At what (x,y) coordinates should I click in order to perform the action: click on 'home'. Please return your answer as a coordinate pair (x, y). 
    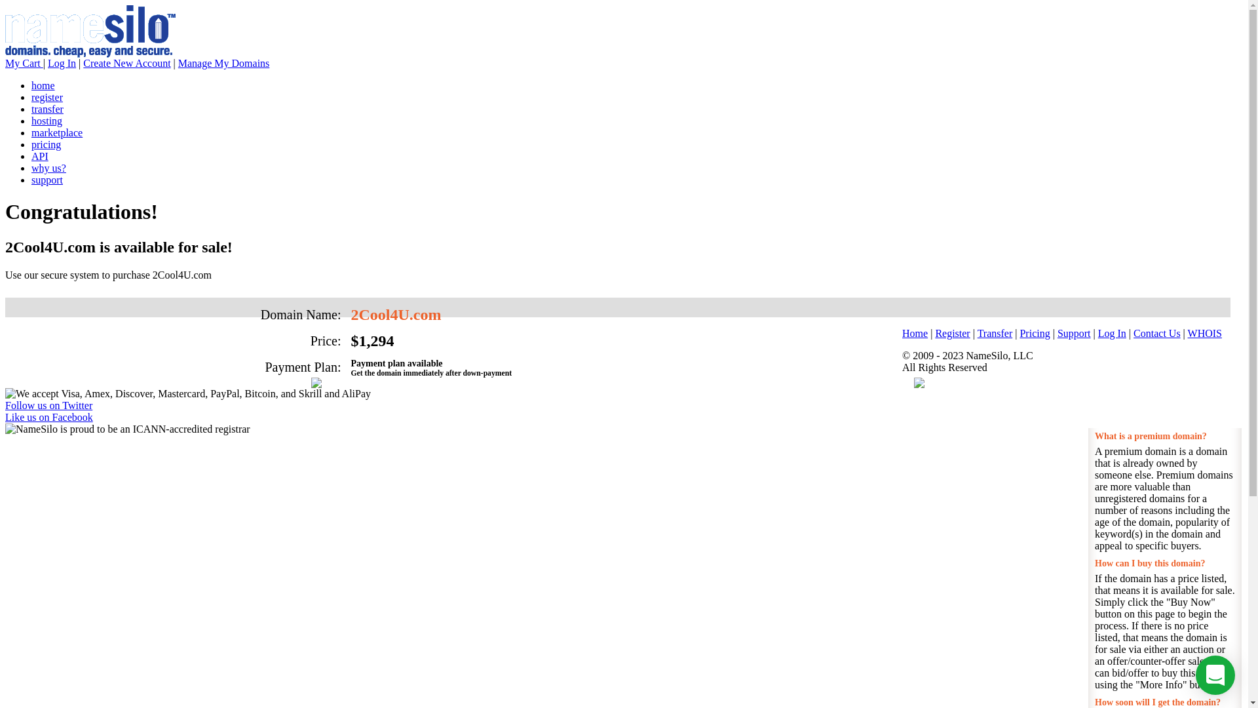
    Looking at the image, I should click on (43, 85).